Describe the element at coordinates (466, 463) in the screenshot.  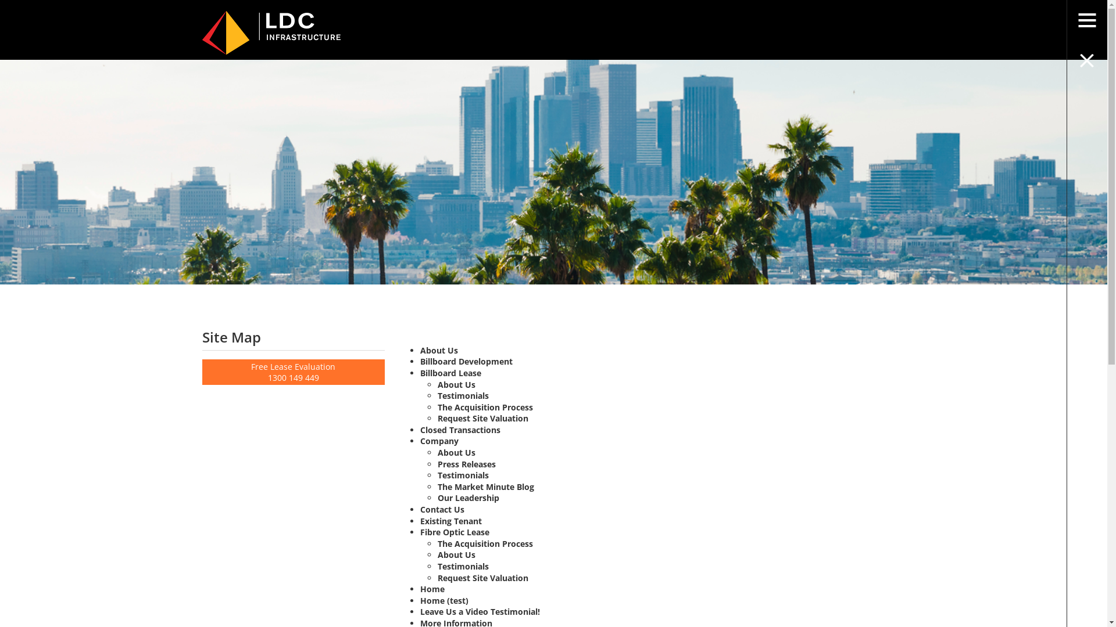
I see `'Press Releases'` at that location.